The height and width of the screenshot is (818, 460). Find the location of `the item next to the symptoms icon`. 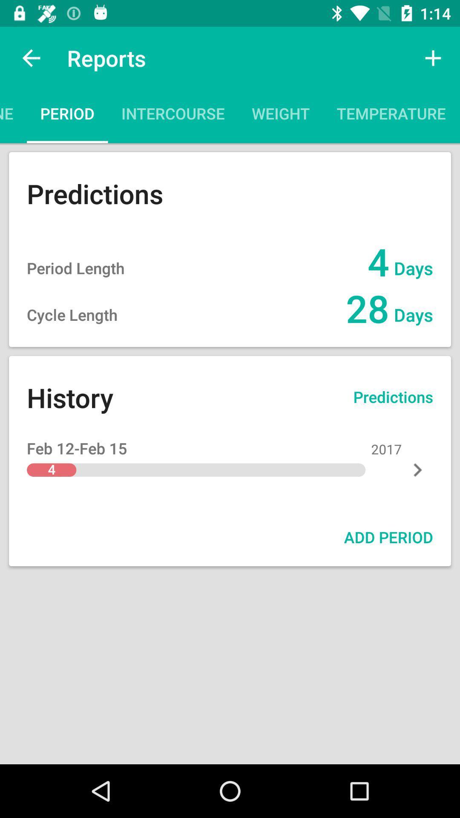

the item next to the symptoms icon is located at coordinates (391, 116).